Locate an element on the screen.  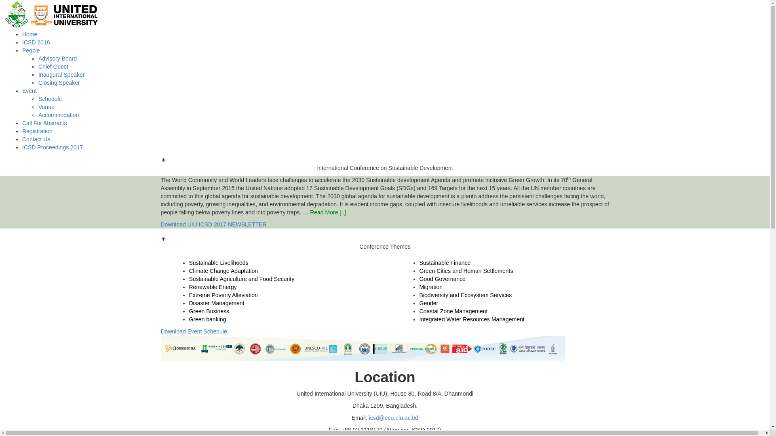
'People' is located at coordinates (31, 50).